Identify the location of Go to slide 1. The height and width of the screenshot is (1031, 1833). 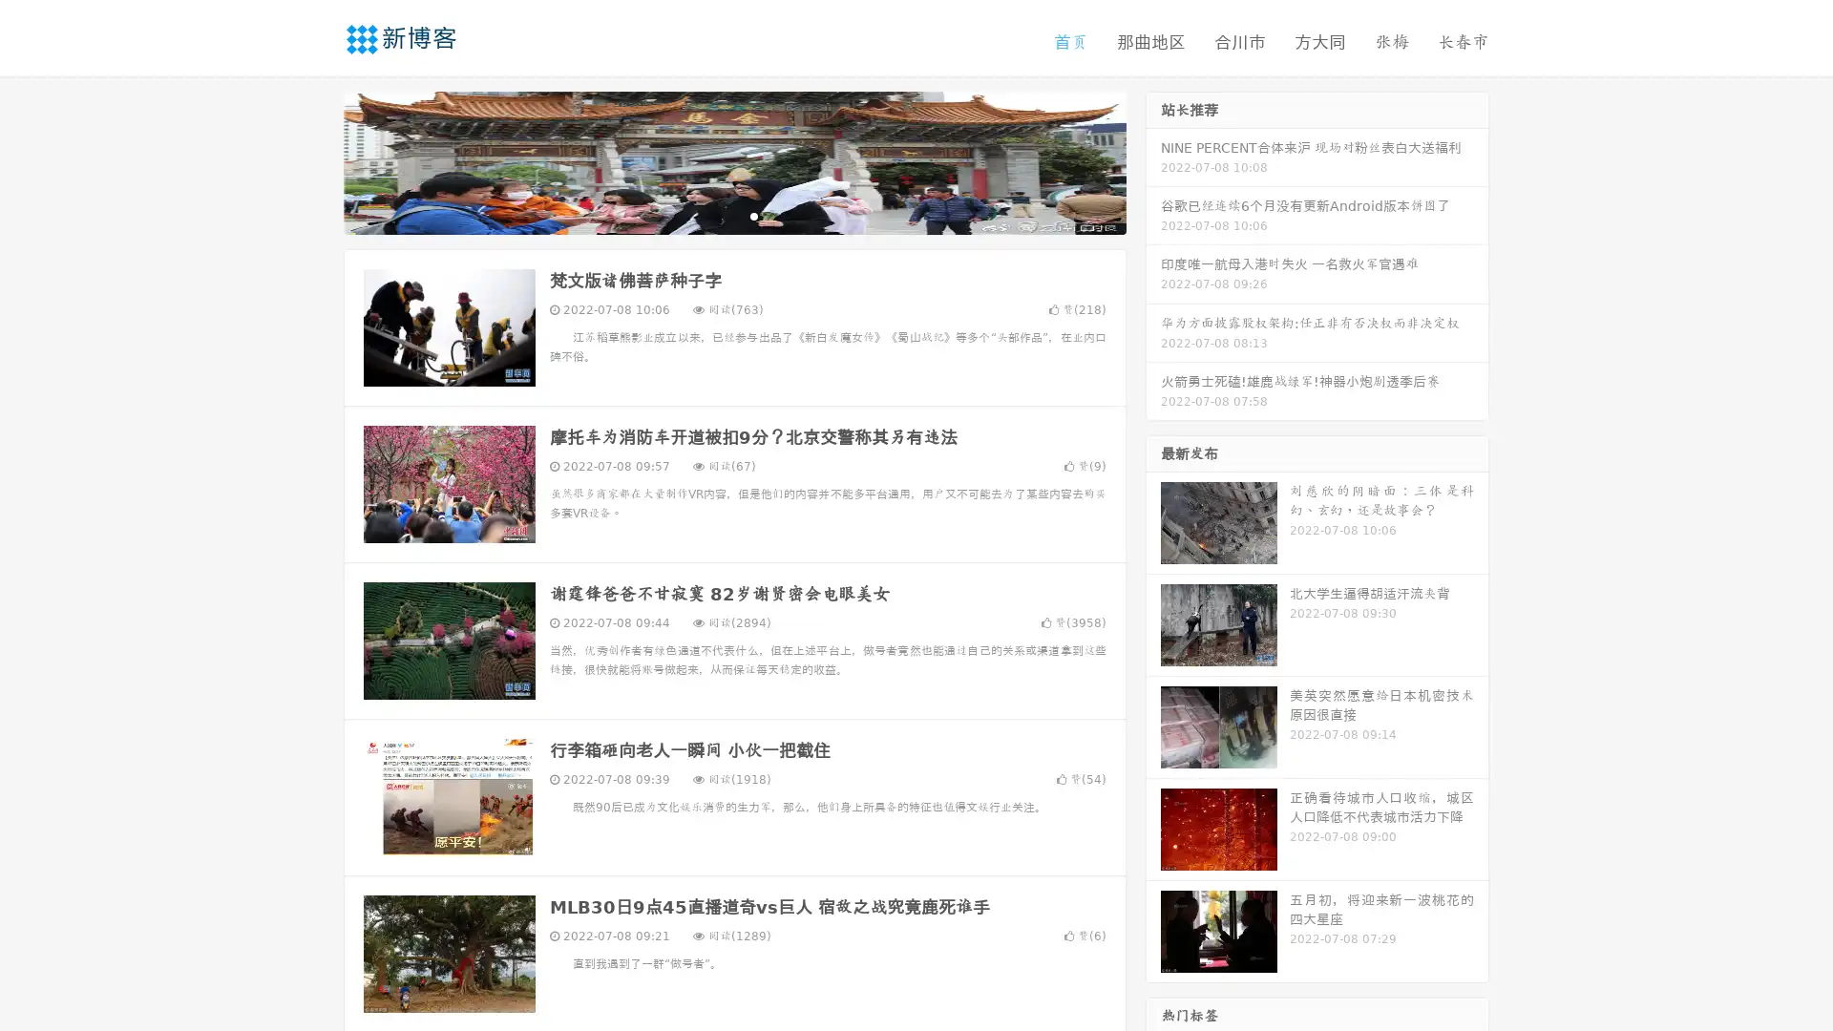
(714, 215).